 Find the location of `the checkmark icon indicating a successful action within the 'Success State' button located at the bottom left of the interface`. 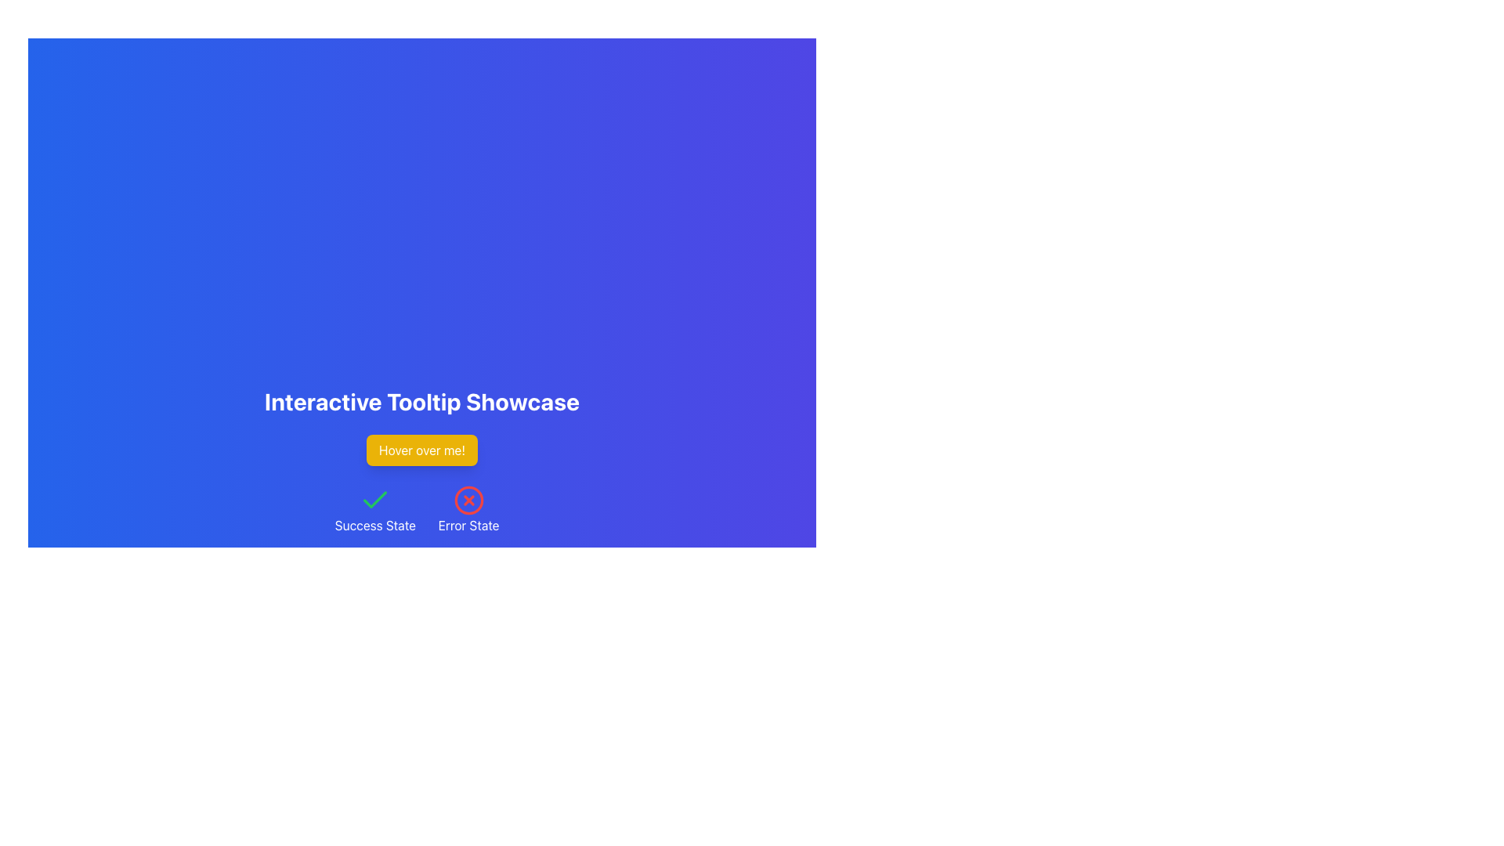

the checkmark icon indicating a successful action within the 'Success State' button located at the bottom left of the interface is located at coordinates (374, 500).